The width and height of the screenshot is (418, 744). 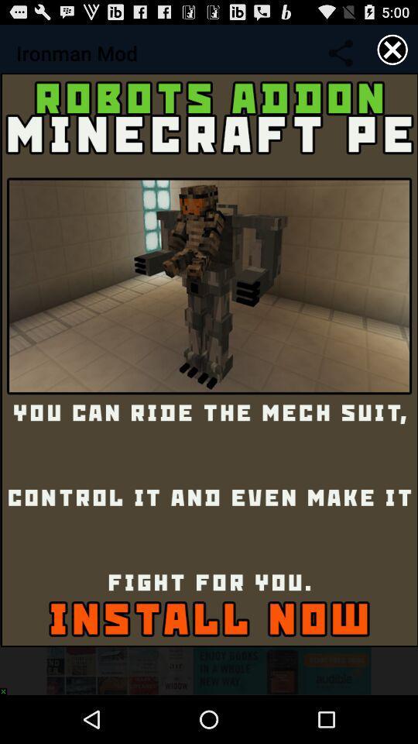 What do you see at coordinates (6, 687) in the screenshot?
I see `item at the bottom left corner` at bounding box center [6, 687].